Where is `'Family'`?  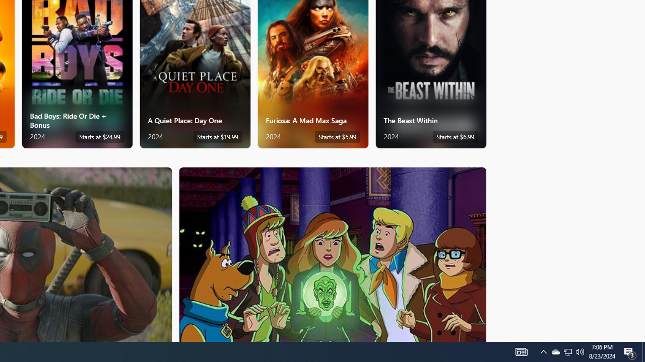
'Family' is located at coordinates (333, 253).